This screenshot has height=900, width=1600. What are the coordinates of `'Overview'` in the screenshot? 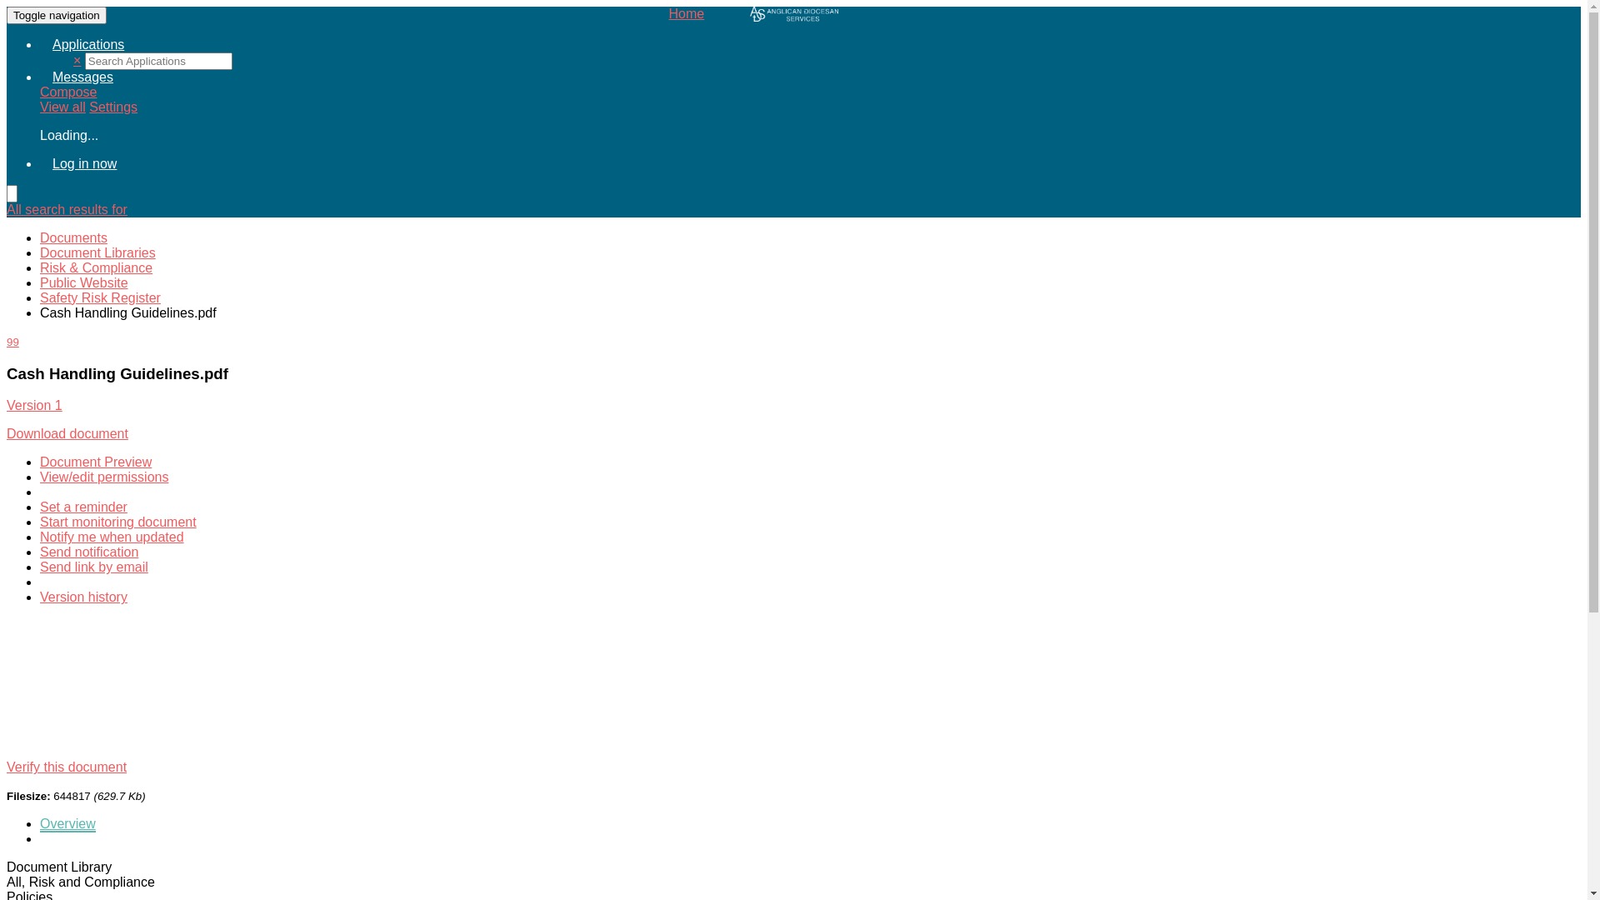 It's located at (67, 823).